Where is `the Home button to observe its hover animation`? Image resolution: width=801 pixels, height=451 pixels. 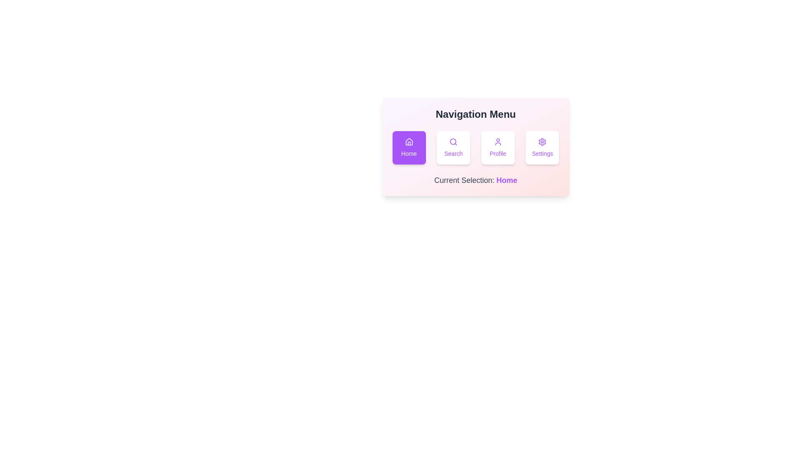 the Home button to observe its hover animation is located at coordinates (409, 147).